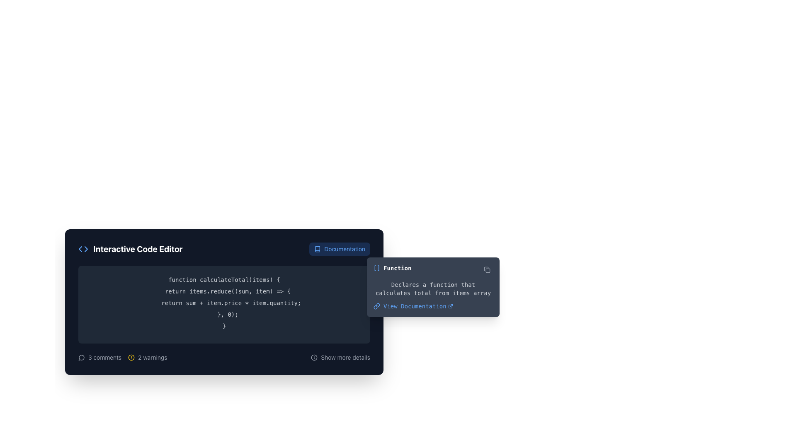 This screenshot has height=447, width=796. Describe the element at coordinates (392, 268) in the screenshot. I see `the label with an adjacent icon that indicates coding function details, located in the top-left region of the tooltip-like component` at that location.